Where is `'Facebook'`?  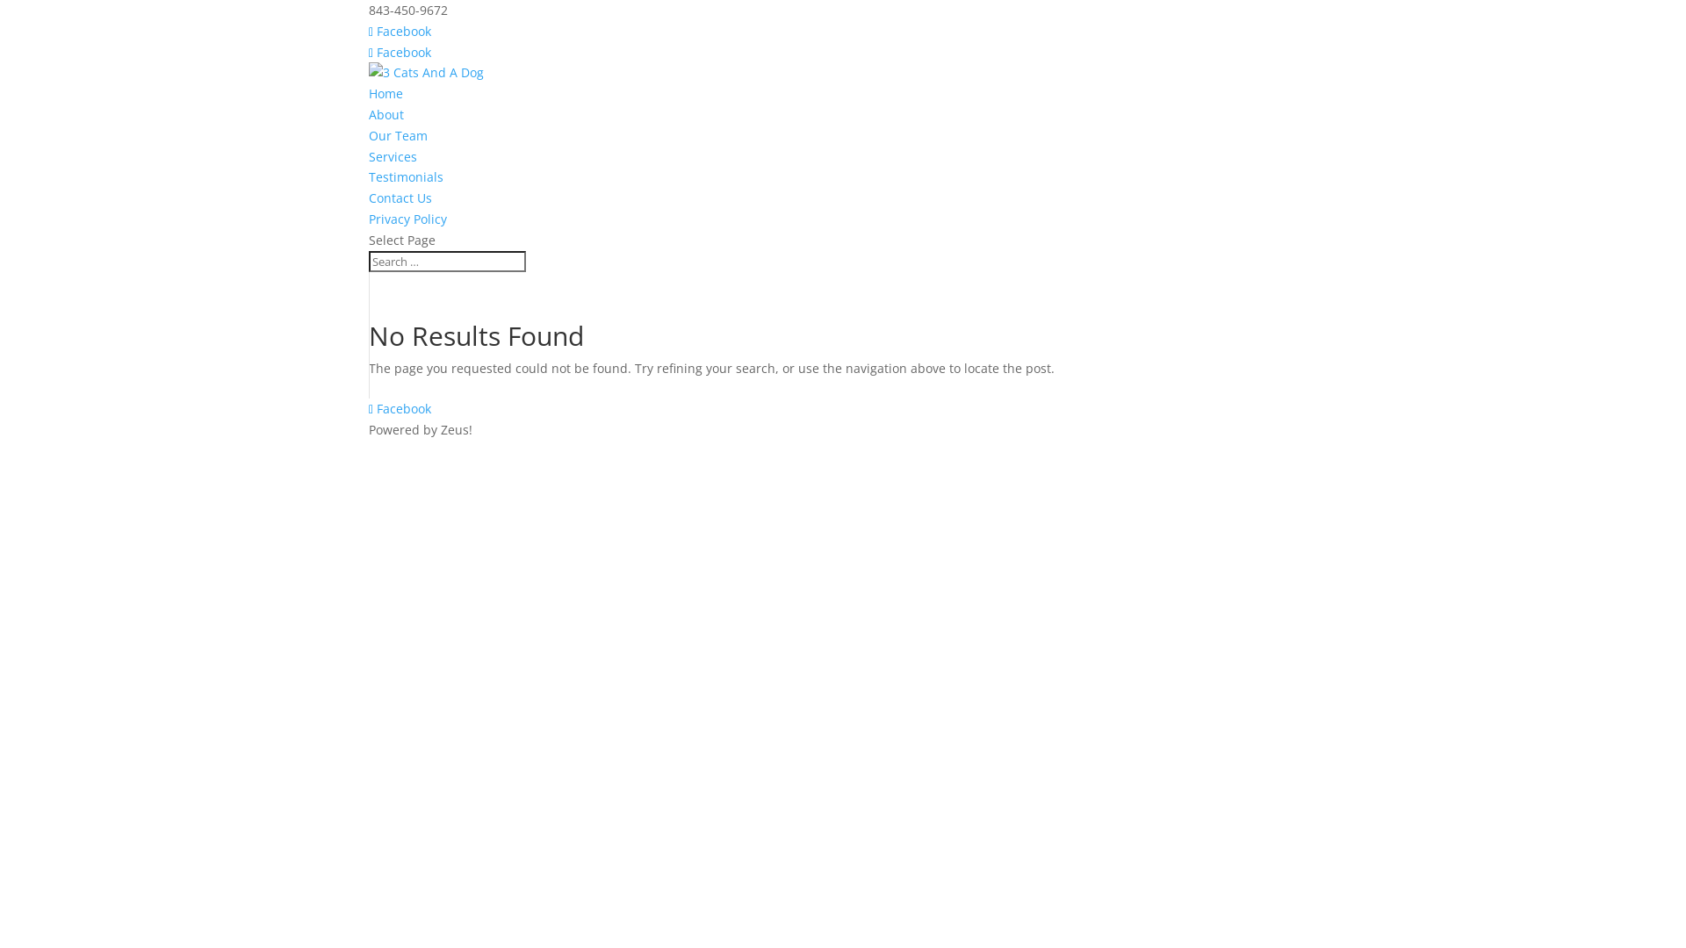 'Facebook' is located at coordinates (399, 51).